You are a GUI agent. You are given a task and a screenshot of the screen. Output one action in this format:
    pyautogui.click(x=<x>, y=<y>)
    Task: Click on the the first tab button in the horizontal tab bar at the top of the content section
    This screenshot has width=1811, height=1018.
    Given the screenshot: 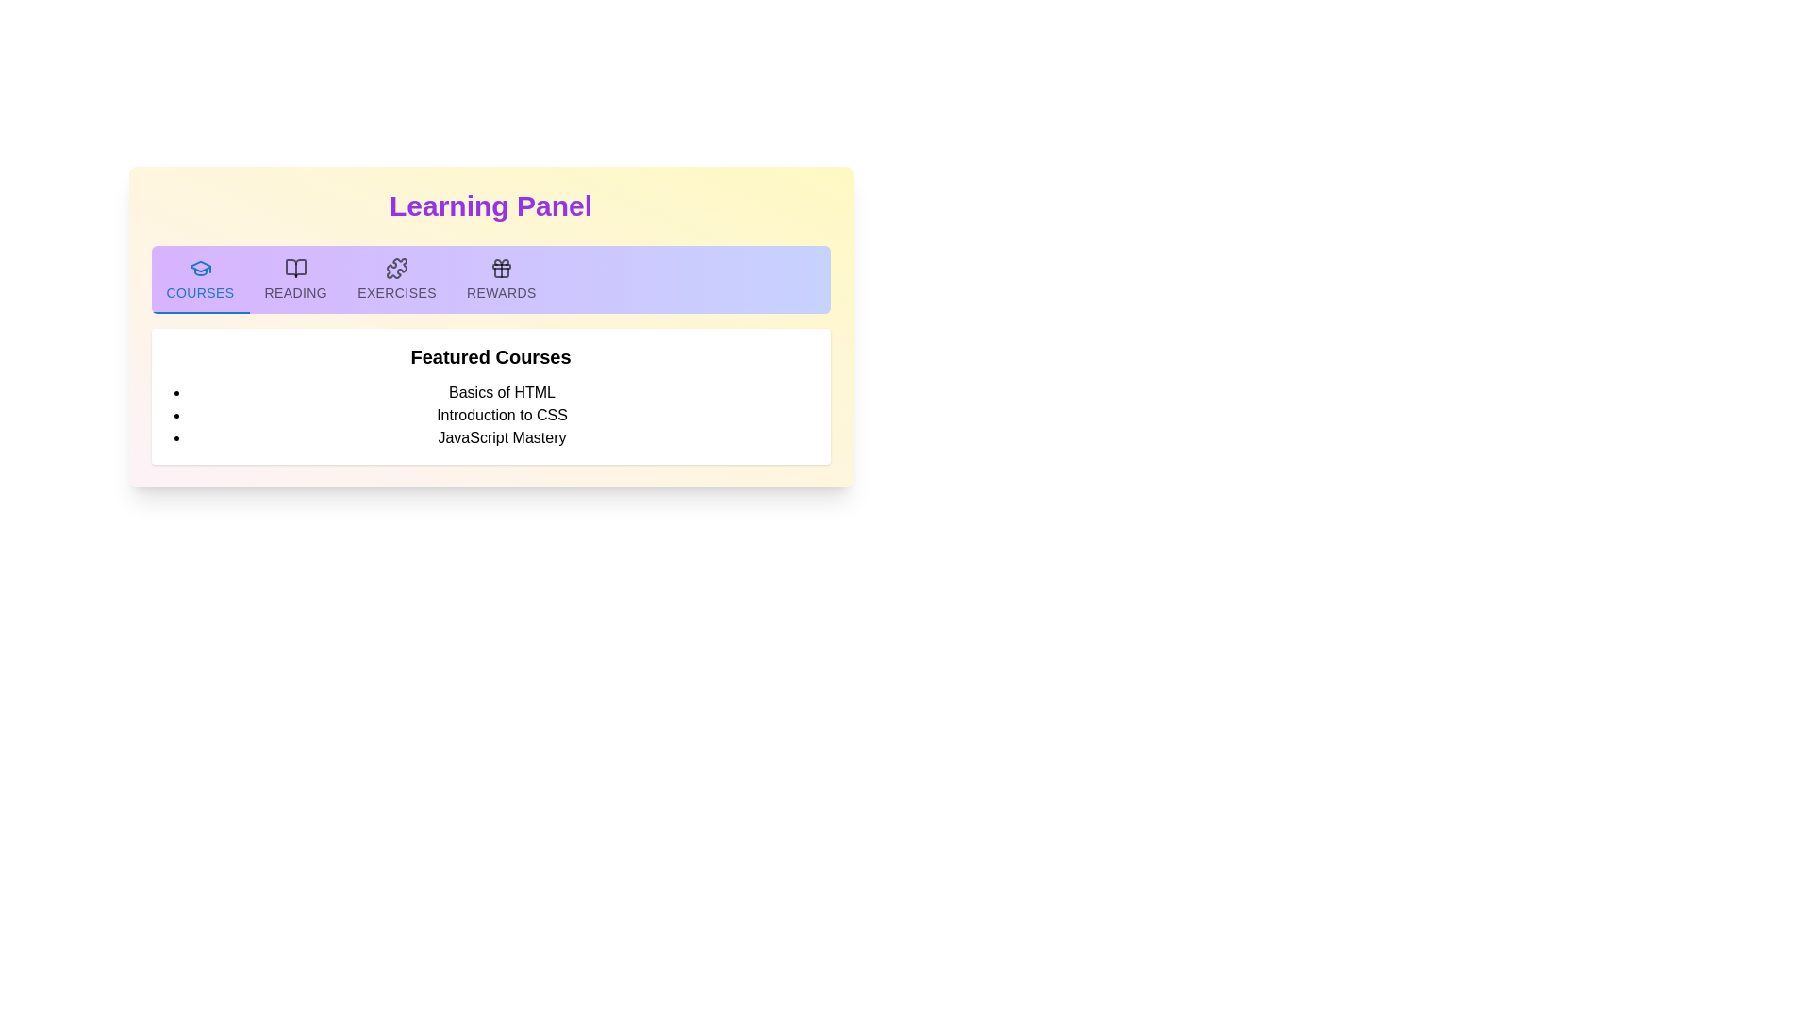 What is the action you would take?
    pyautogui.click(x=200, y=280)
    